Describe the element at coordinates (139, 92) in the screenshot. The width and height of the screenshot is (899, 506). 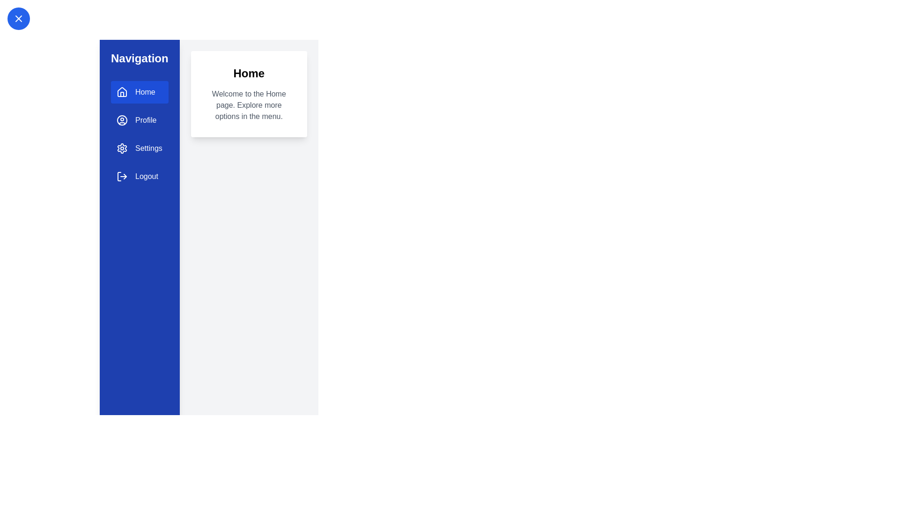
I see `the Home navigation option from the drawer` at that location.